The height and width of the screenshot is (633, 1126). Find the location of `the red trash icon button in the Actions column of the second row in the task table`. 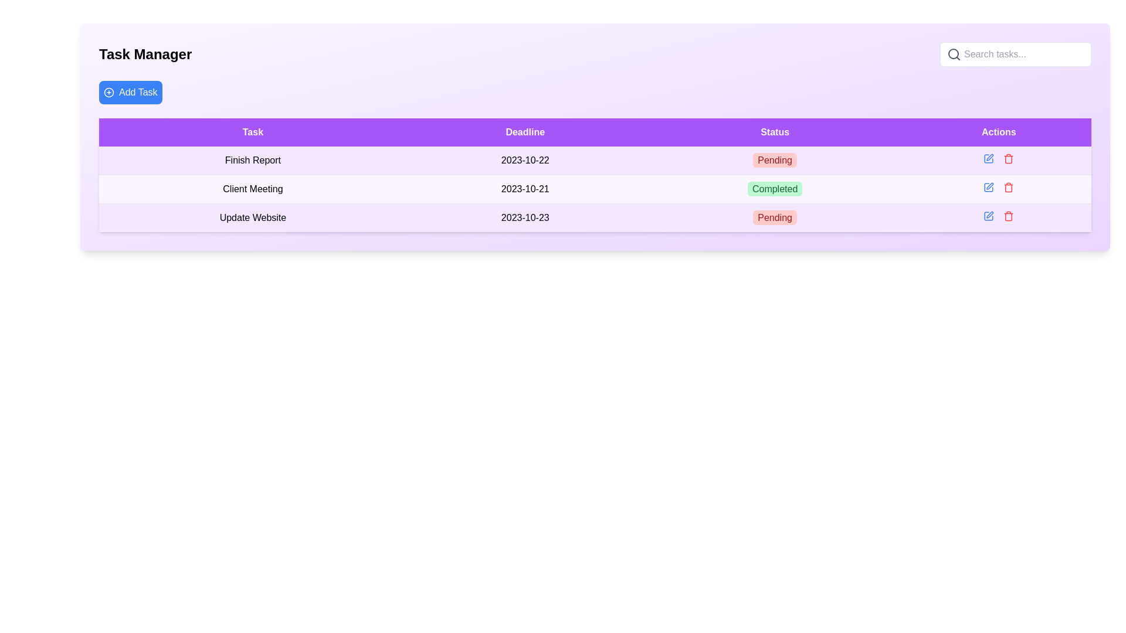

the red trash icon button in the Actions column of the second row in the task table is located at coordinates (1008, 187).